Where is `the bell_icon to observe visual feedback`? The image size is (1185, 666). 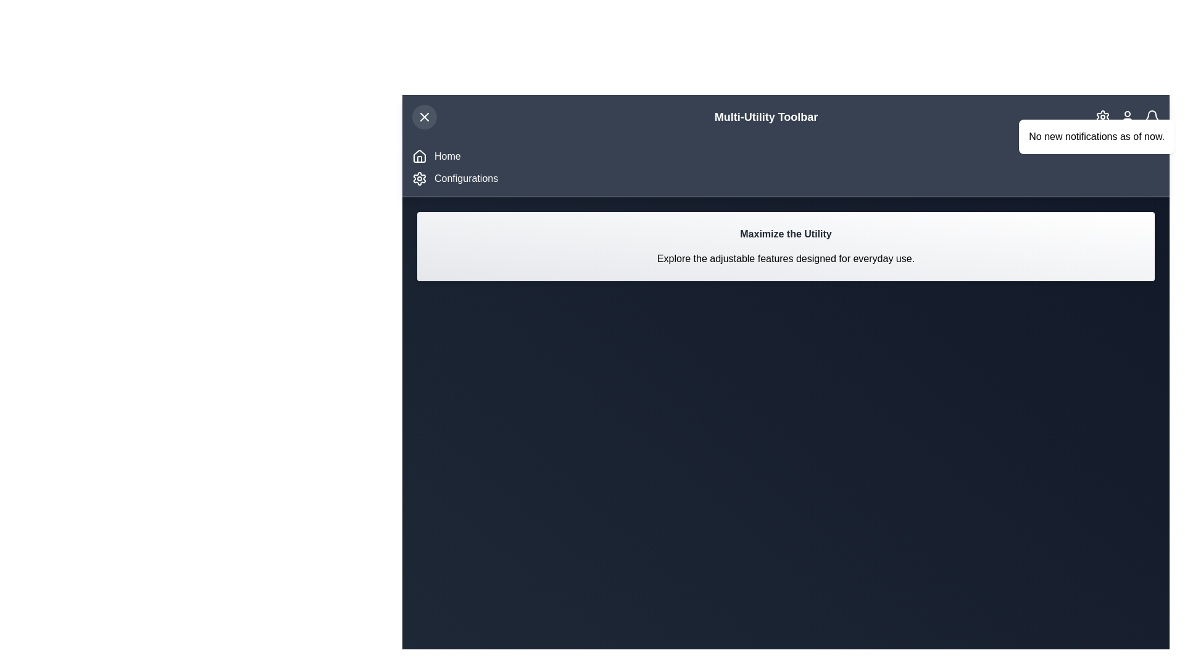
the bell_icon to observe visual feedback is located at coordinates (1152, 117).